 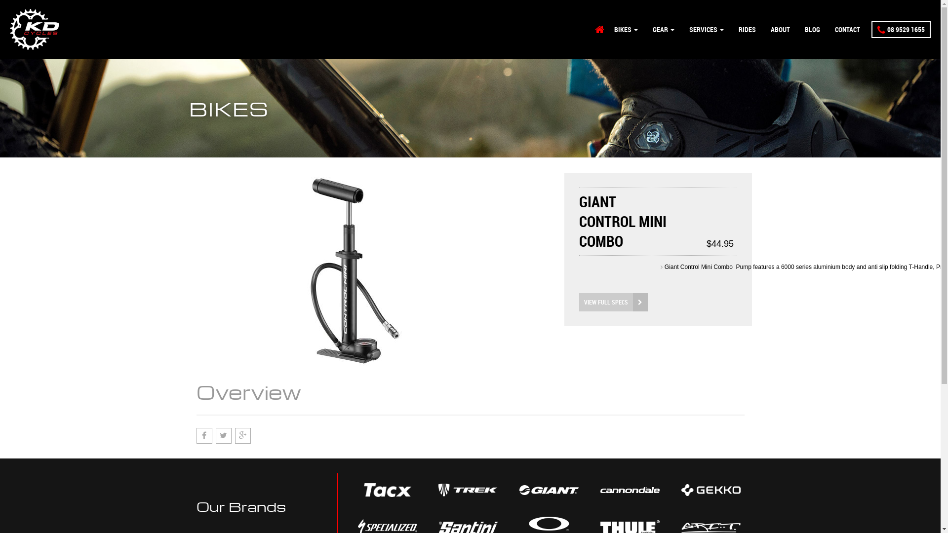 What do you see at coordinates (812, 29) in the screenshot?
I see `'BLOG'` at bounding box center [812, 29].